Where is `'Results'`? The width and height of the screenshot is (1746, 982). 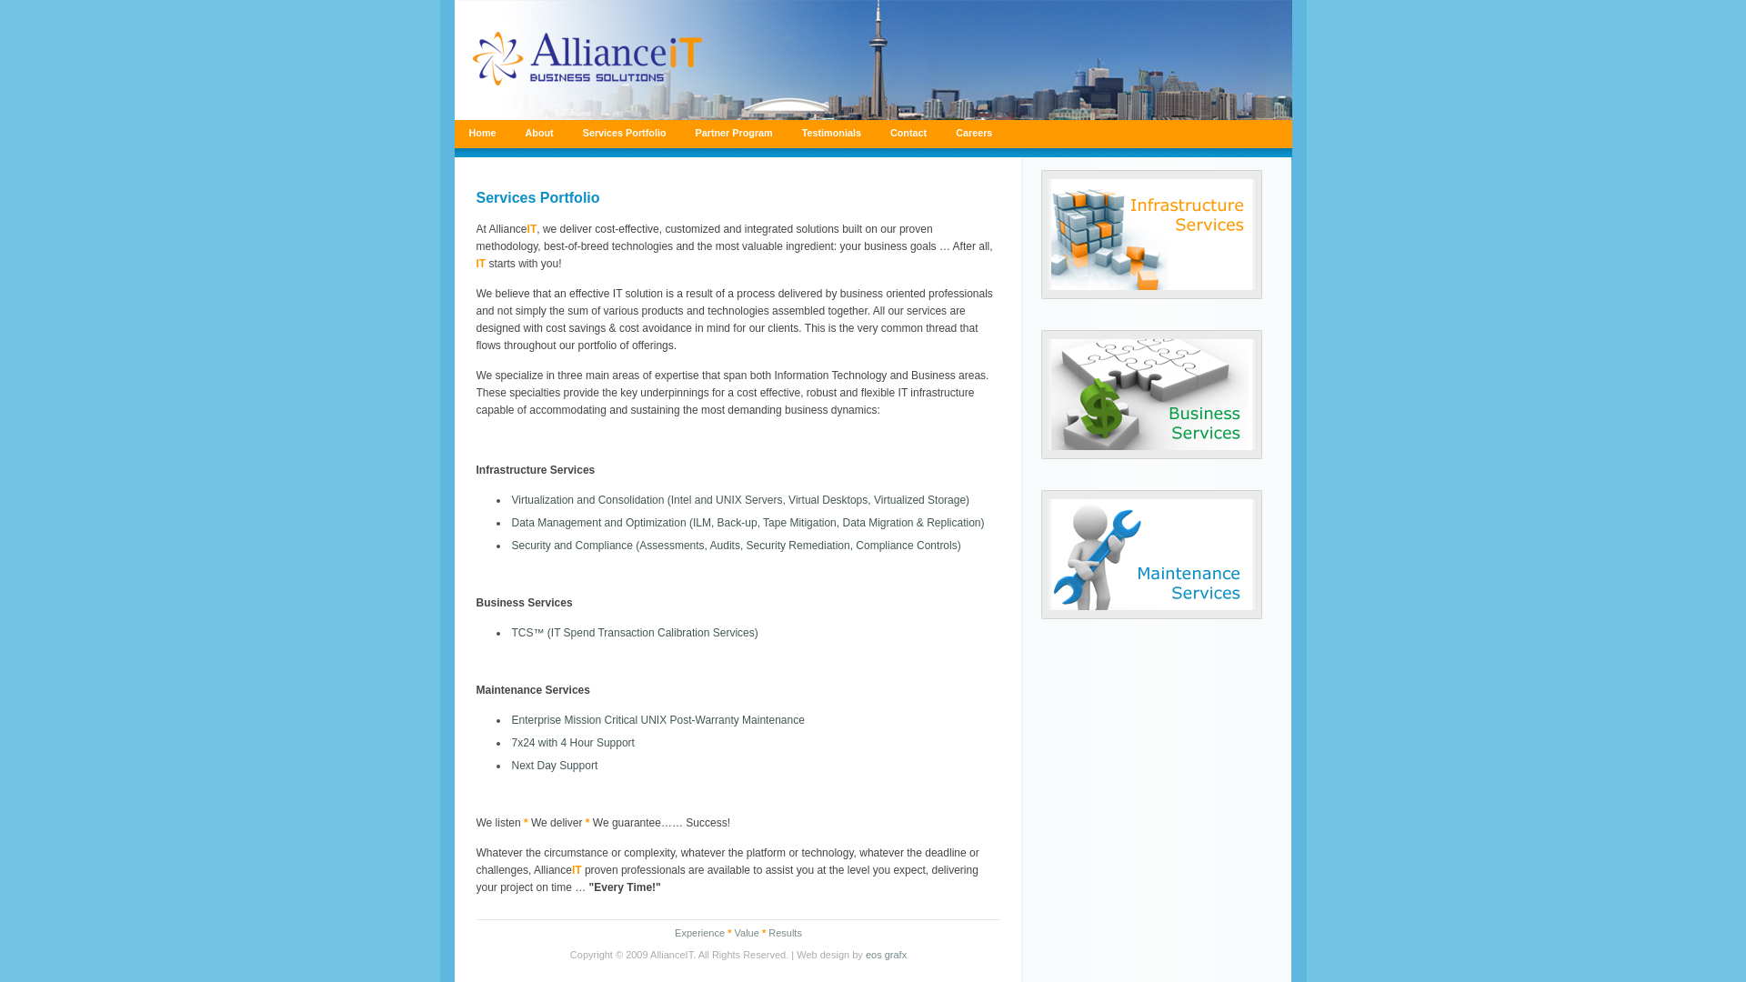
'Results' is located at coordinates (785, 933).